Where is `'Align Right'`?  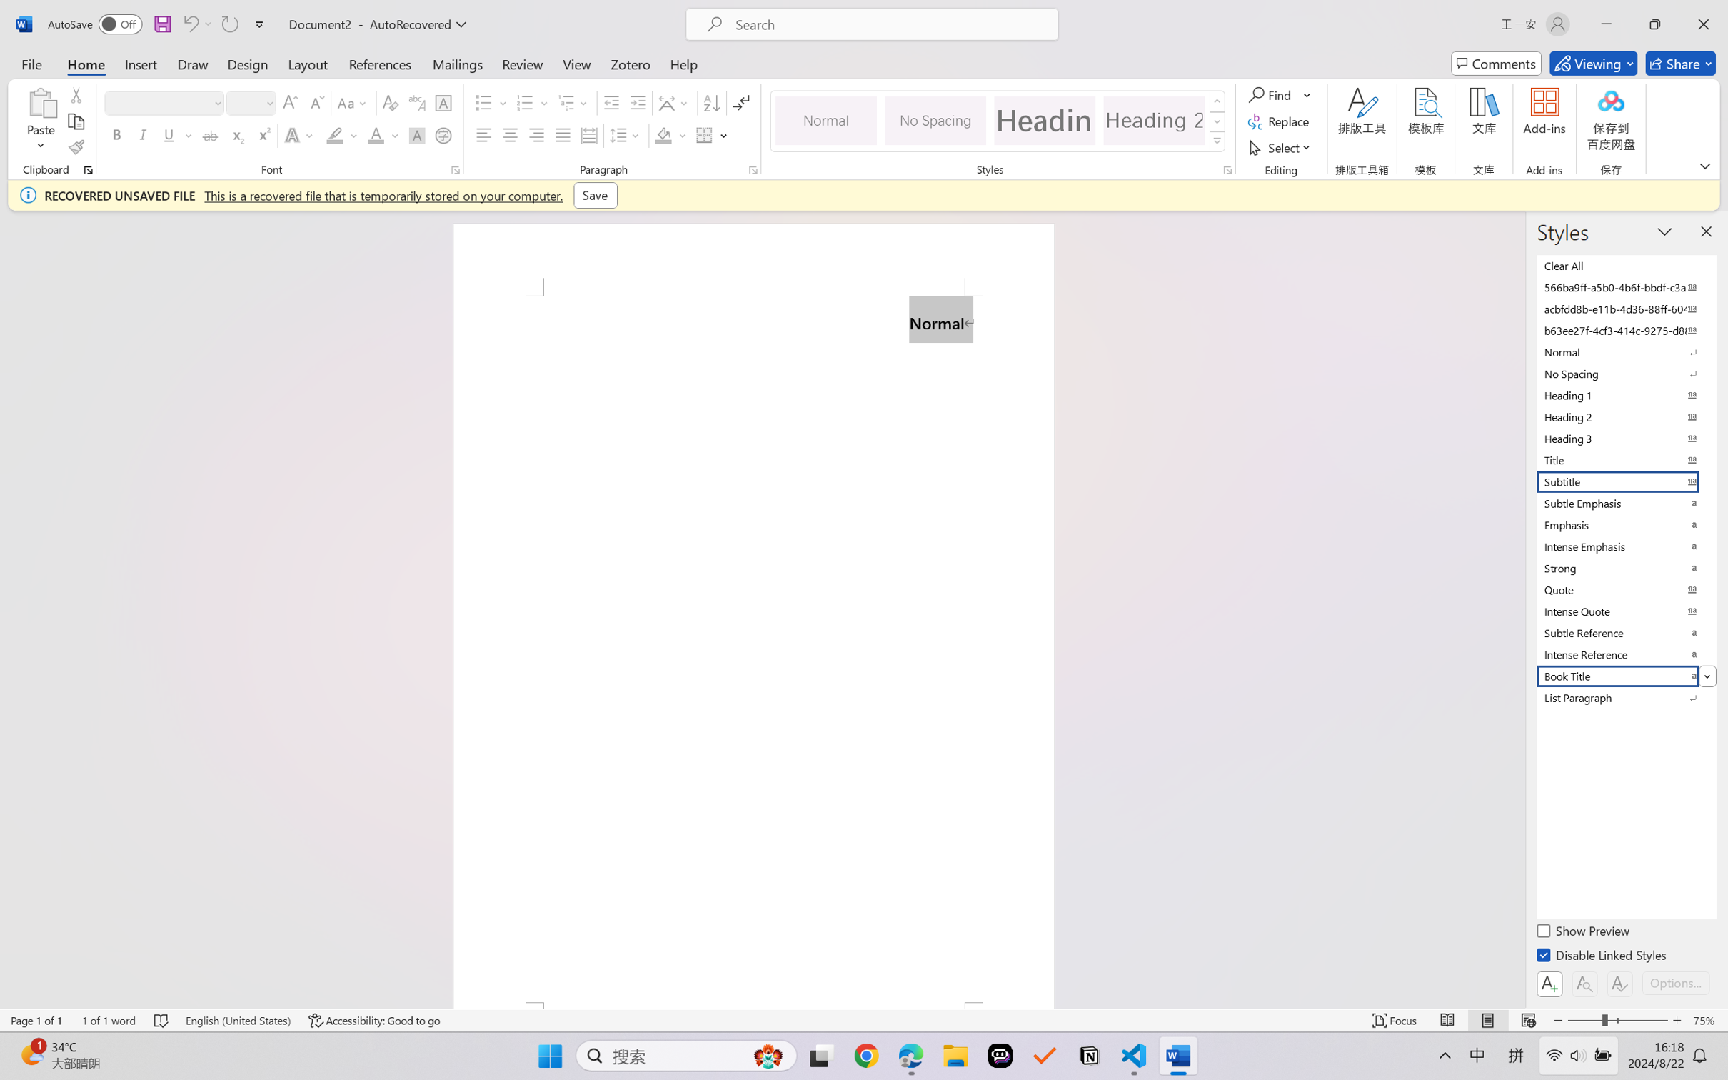 'Align Right' is located at coordinates (537, 134).